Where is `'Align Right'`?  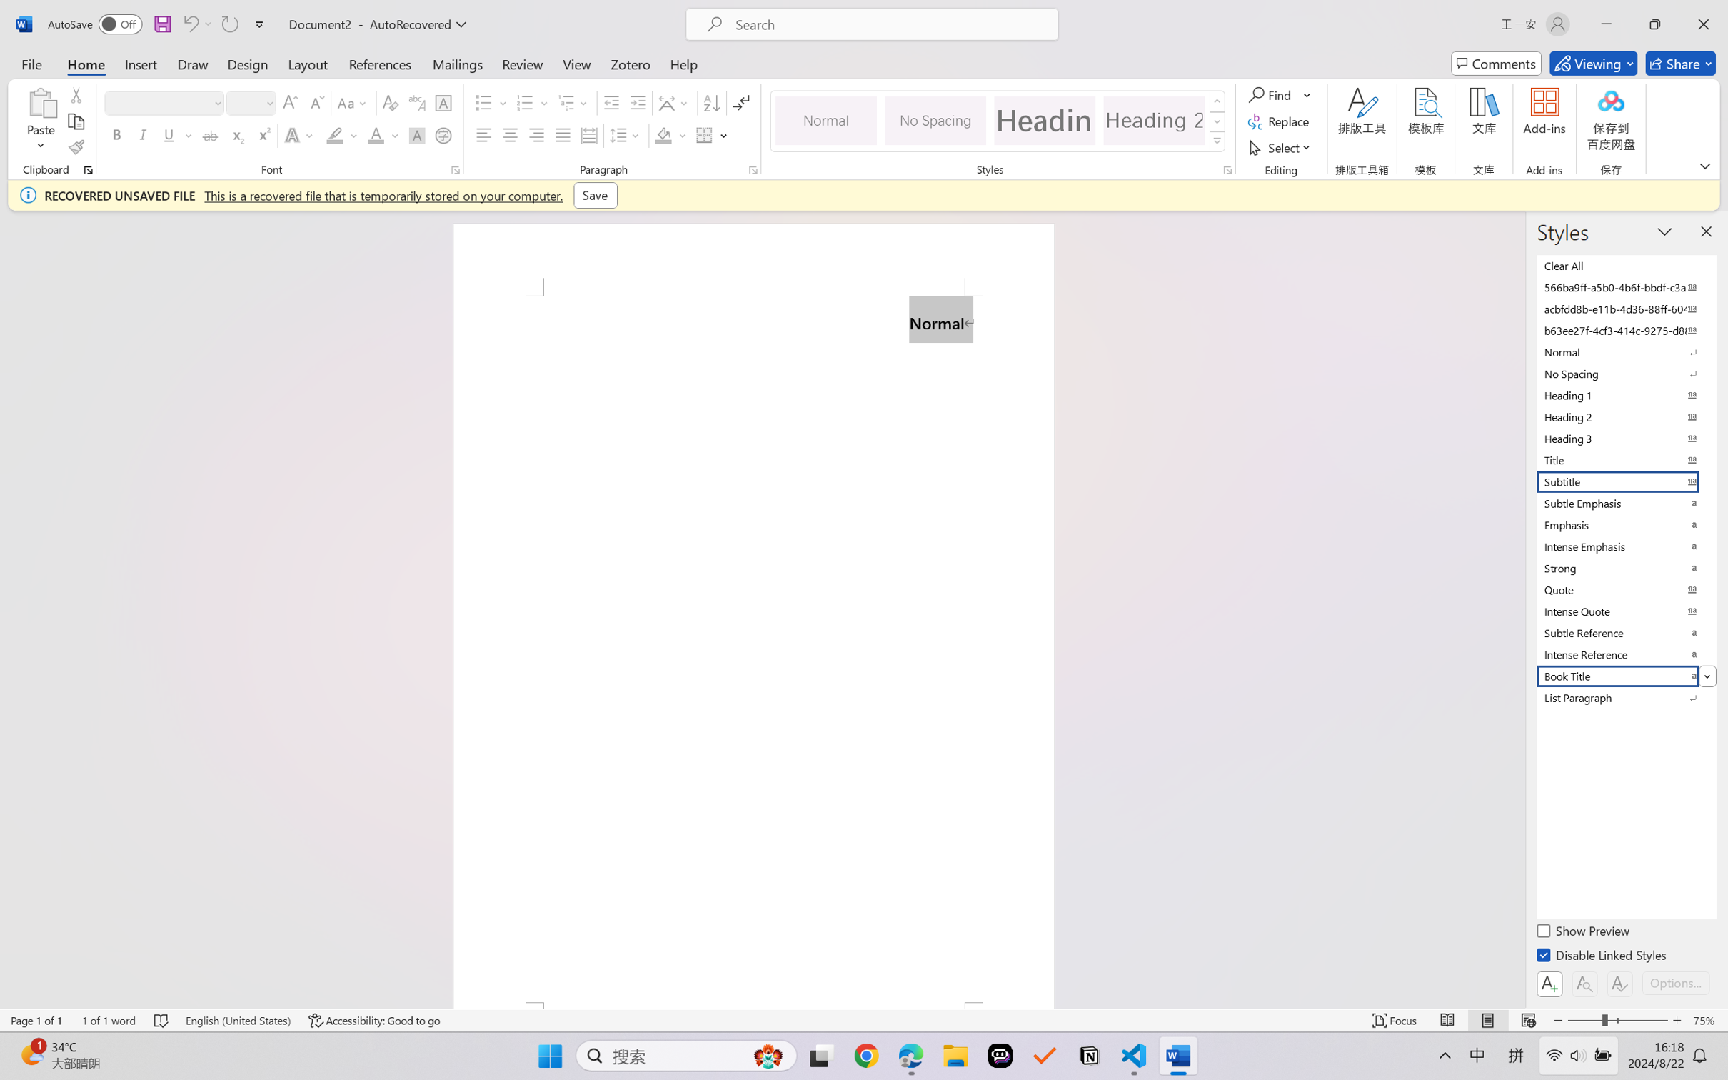 'Align Right' is located at coordinates (537, 134).